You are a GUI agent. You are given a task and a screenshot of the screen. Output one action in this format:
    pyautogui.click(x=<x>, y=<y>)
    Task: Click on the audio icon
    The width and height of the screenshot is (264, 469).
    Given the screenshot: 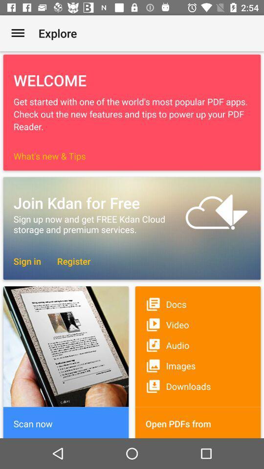 What is the action you would take?
    pyautogui.click(x=198, y=345)
    